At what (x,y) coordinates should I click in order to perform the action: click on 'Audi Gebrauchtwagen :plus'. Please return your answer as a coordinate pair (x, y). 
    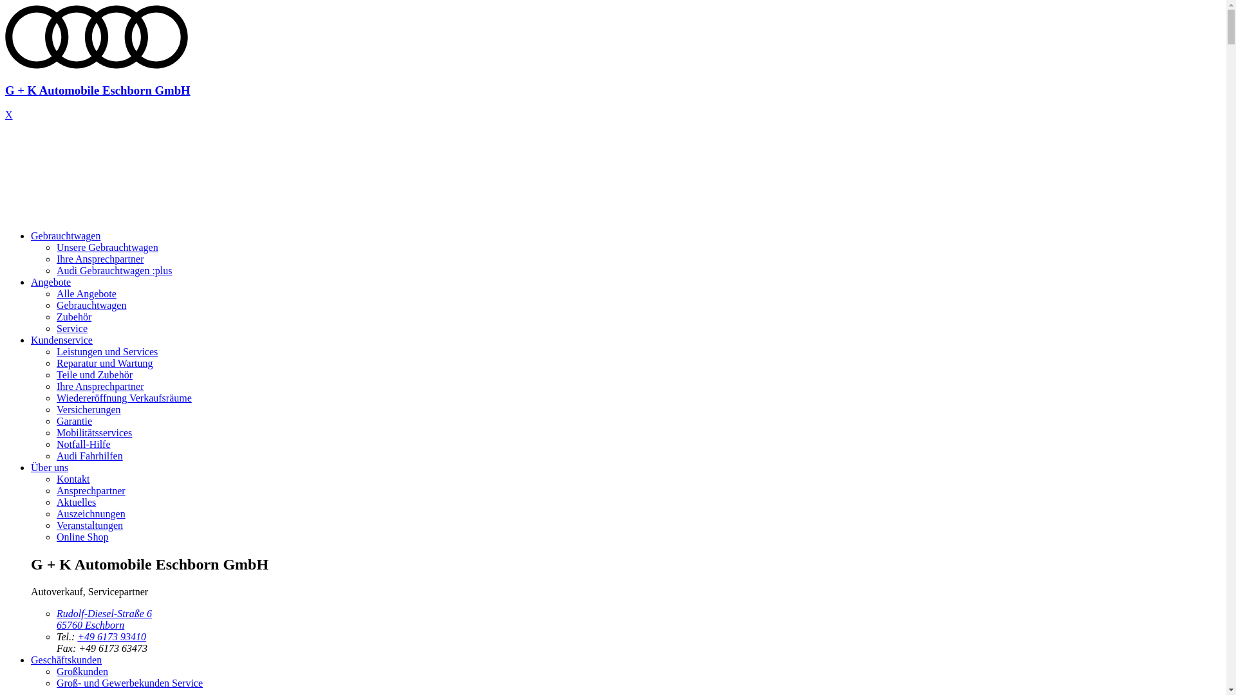
    Looking at the image, I should click on (114, 270).